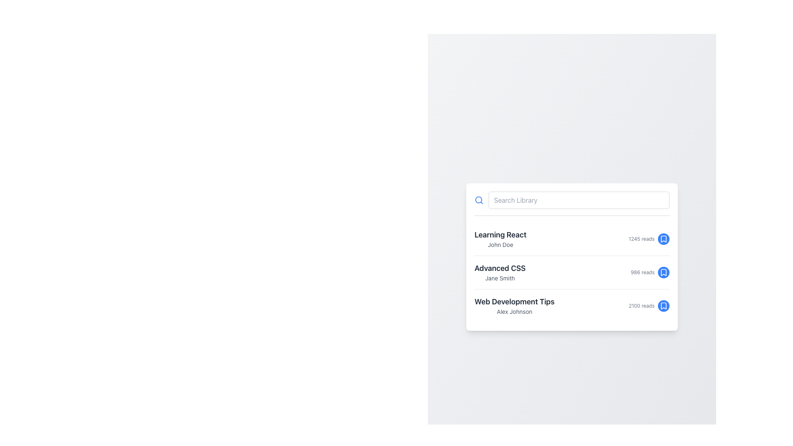 The height and width of the screenshot is (446, 793). Describe the element at coordinates (642, 272) in the screenshot. I see `the static text label that displays the number of reads or views for the 'Advanced CSS' item, located between the main text description and a rounded blue button with a bookmark icon` at that location.